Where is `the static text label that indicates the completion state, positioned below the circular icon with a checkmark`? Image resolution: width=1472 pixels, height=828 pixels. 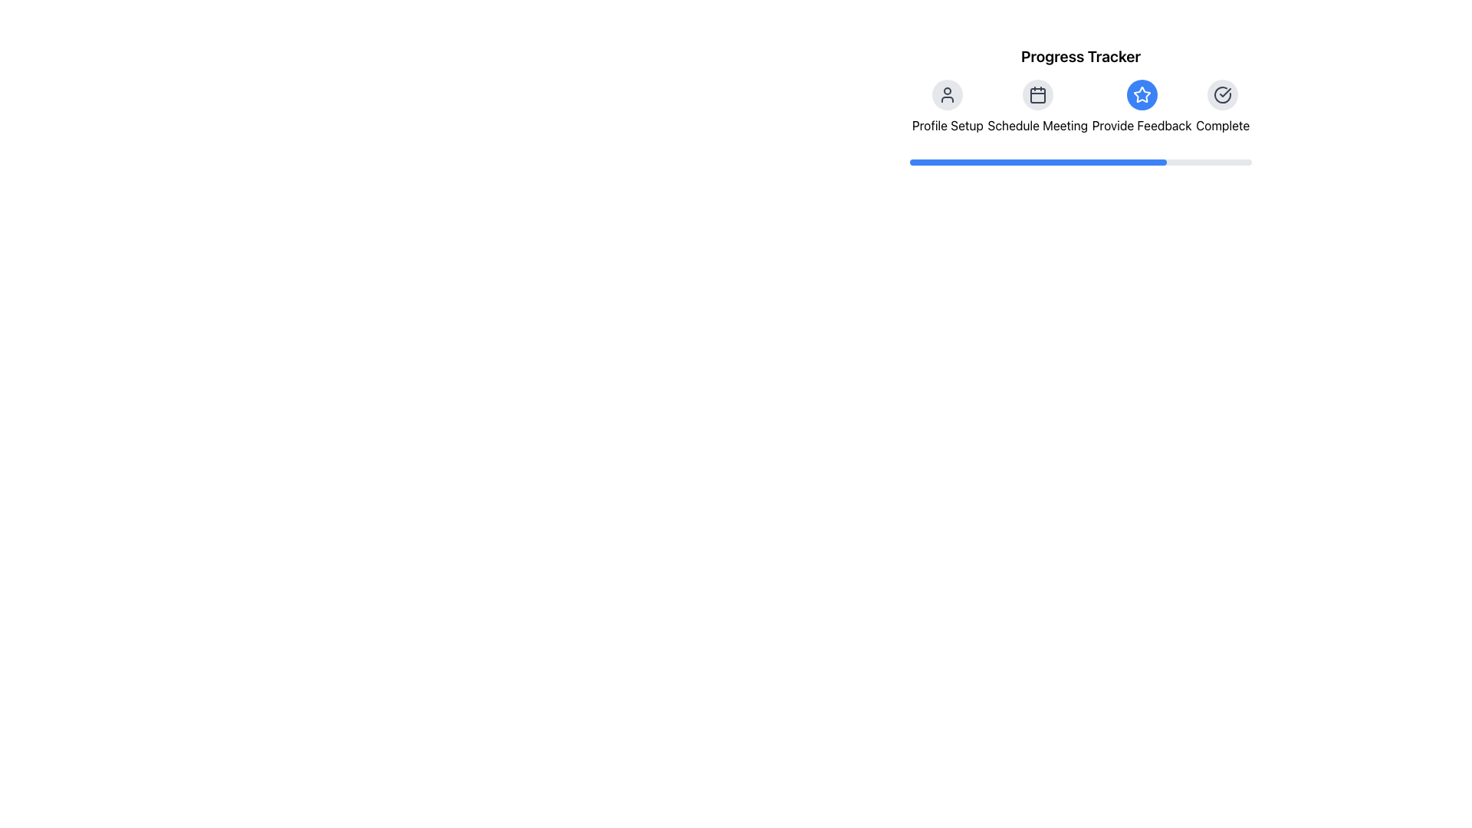 the static text label that indicates the completion state, positioned below the circular icon with a checkmark is located at coordinates (1222, 125).